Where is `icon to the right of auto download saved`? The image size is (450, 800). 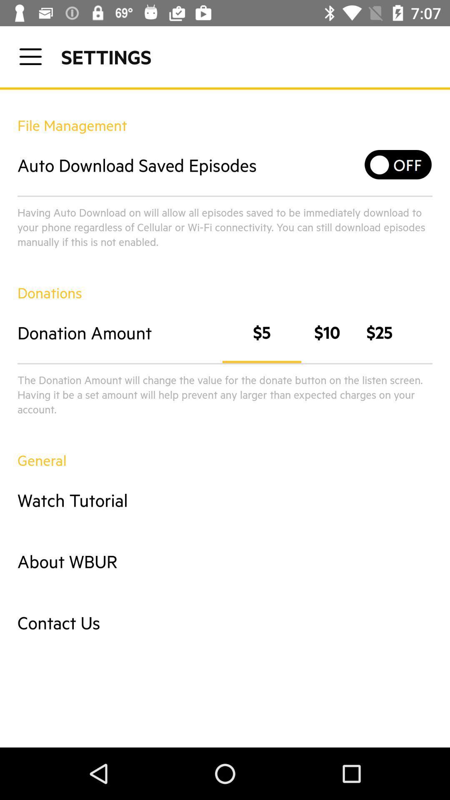
icon to the right of auto download saved is located at coordinates (398, 165).